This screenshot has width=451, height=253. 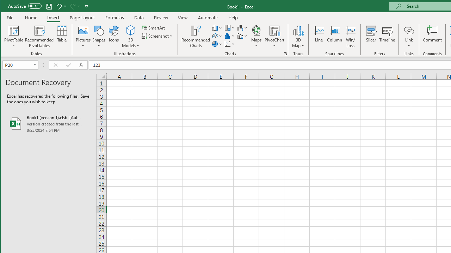 I want to click on '3D Models', so click(x=131, y=37).